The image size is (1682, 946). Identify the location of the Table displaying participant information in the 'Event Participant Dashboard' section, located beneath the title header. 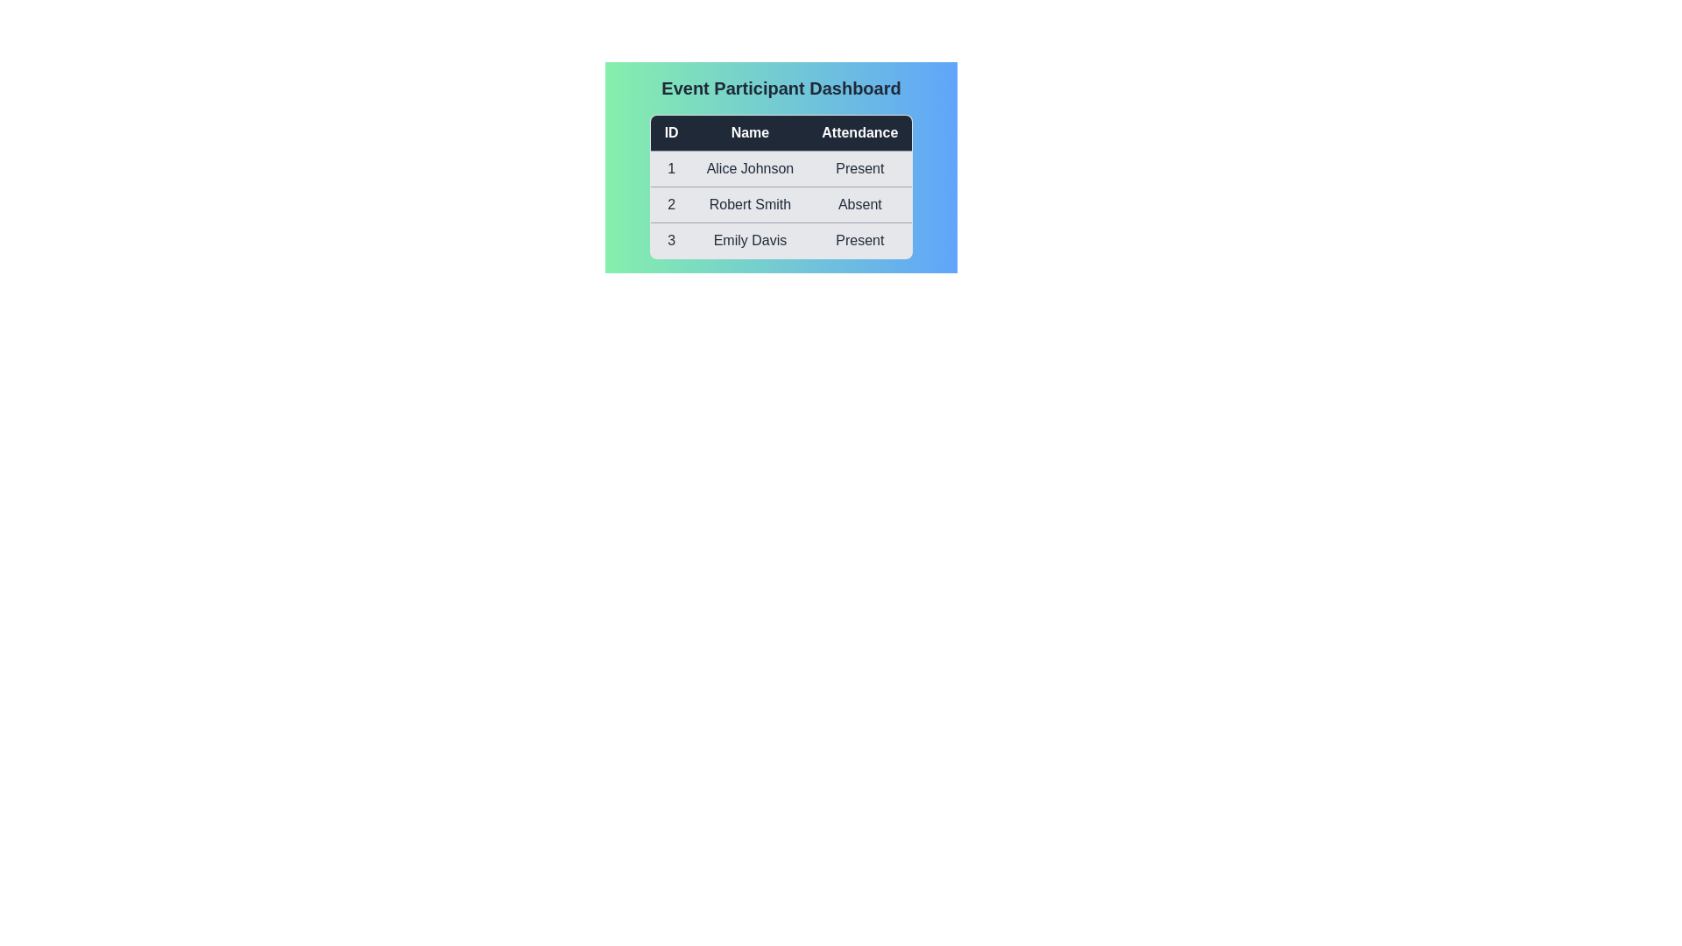
(781, 187).